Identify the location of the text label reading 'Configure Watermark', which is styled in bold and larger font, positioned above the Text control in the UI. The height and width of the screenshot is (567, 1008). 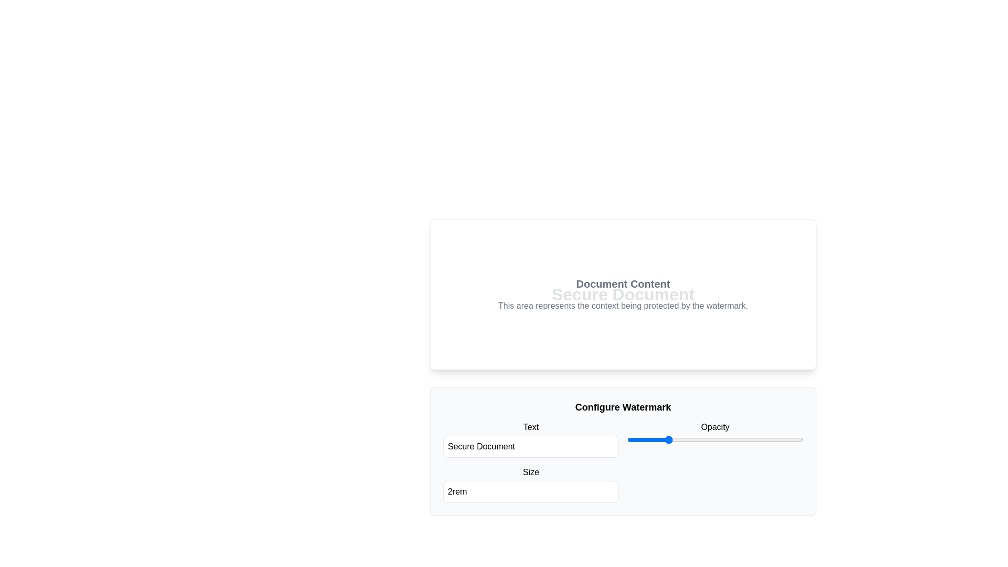
(623, 406).